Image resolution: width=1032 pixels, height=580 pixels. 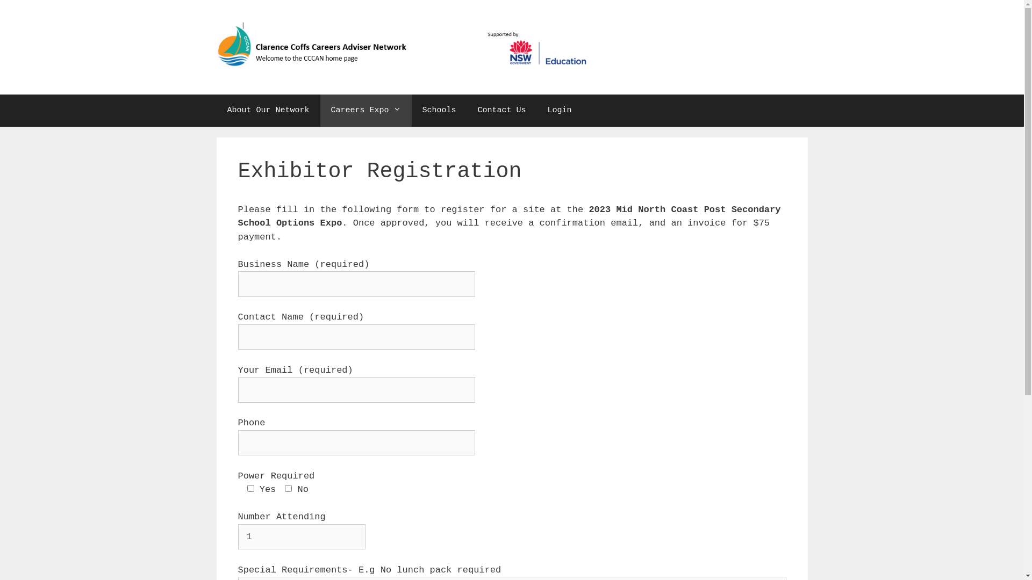 What do you see at coordinates (268, 110) in the screenshot?
I see `'About Our Network'` at bounding box center [268, 110].